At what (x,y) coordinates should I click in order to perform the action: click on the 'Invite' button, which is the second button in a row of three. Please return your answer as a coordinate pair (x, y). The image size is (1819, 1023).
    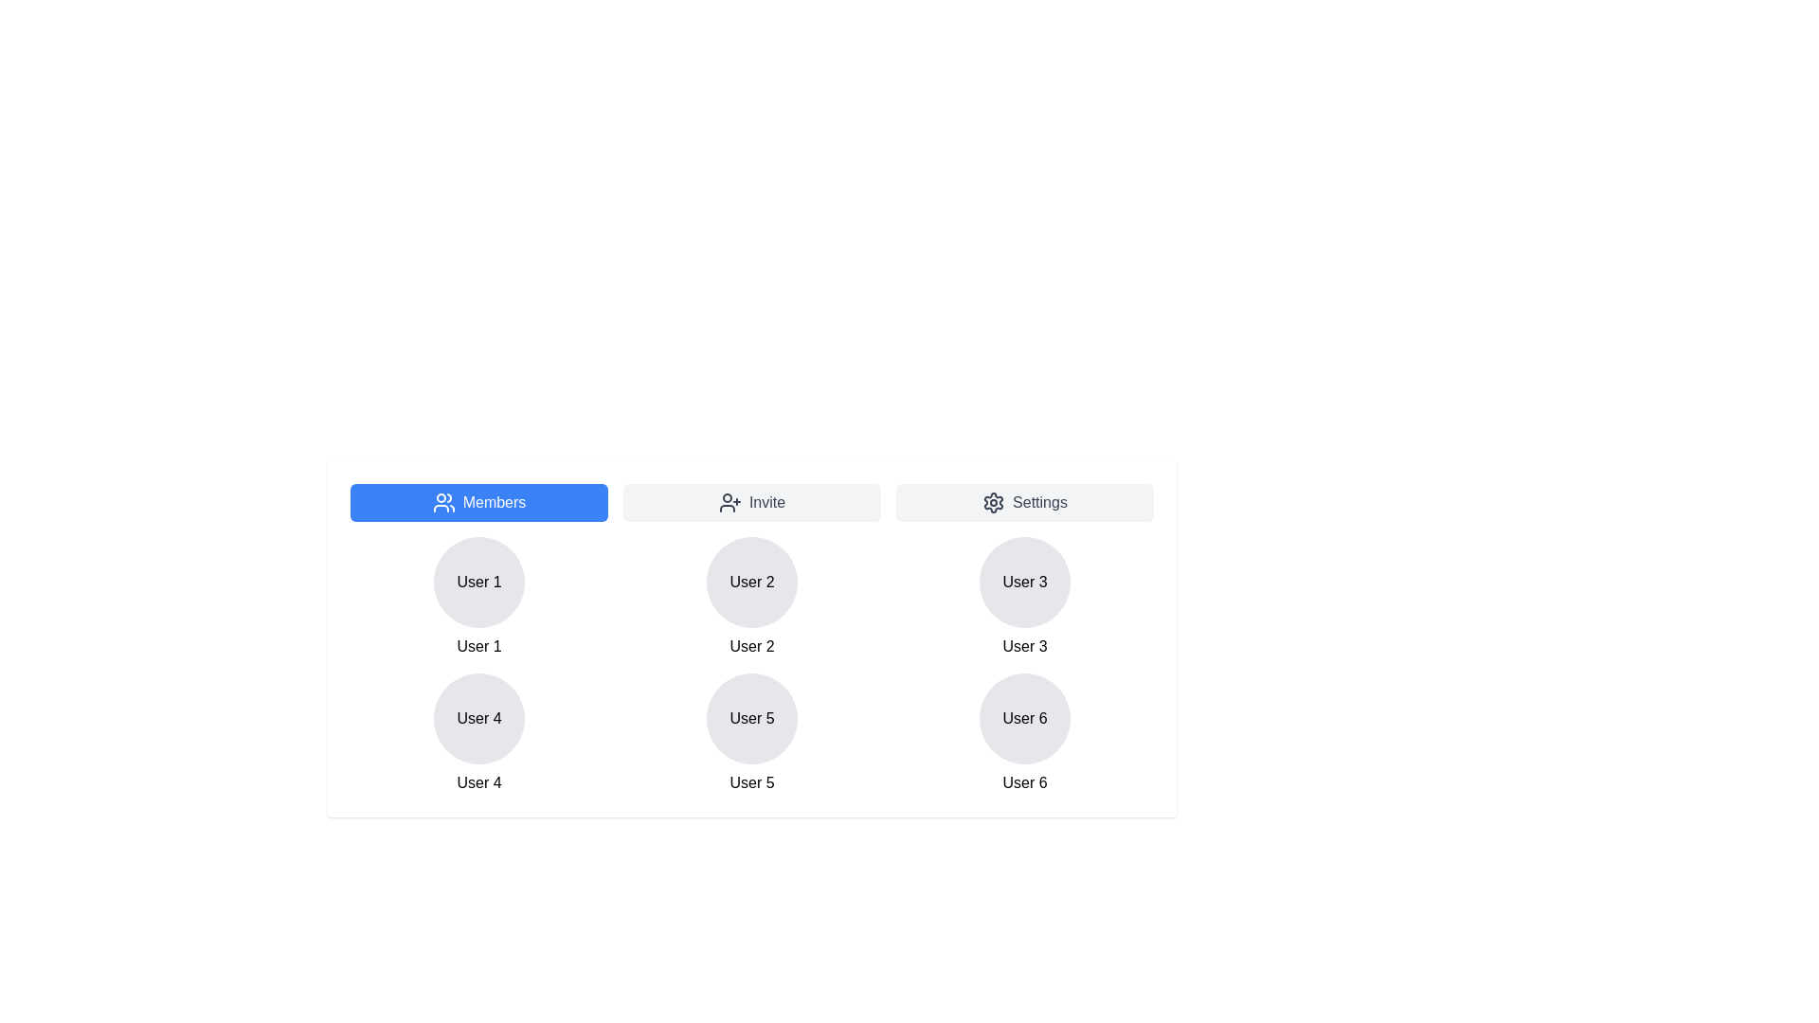
    Looking at the image, I should click on (750, 502).